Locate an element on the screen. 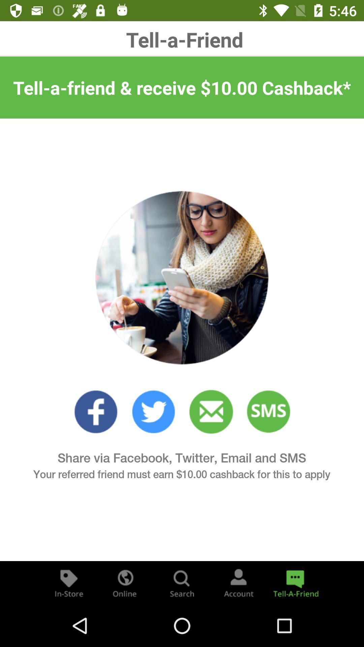  the twitter icon is located at coordinates (153, 411).